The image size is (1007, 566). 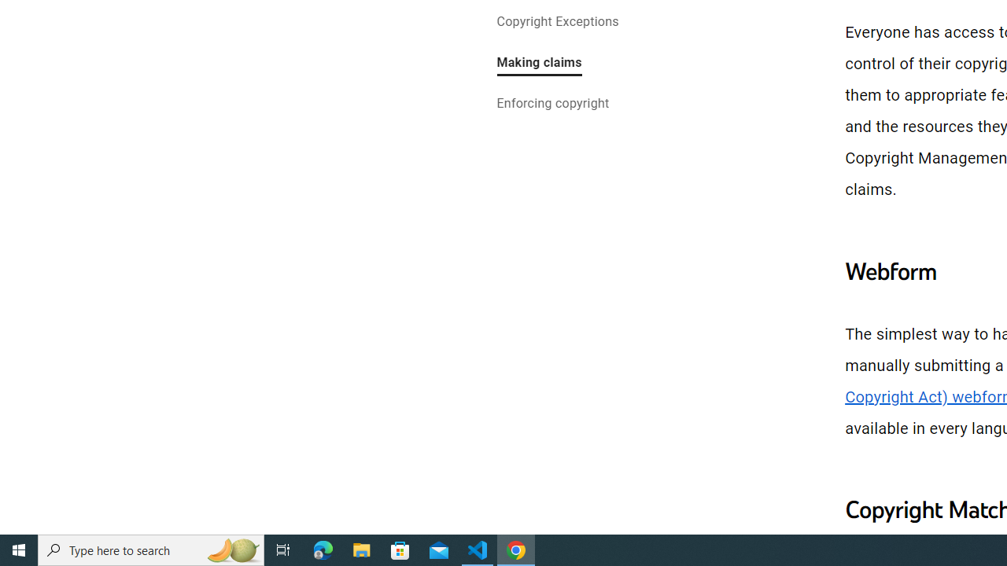 What do you see at coordinates (539, 63) in the screenshot?
I see `'Making claims'` at bounding box center [539, 63].